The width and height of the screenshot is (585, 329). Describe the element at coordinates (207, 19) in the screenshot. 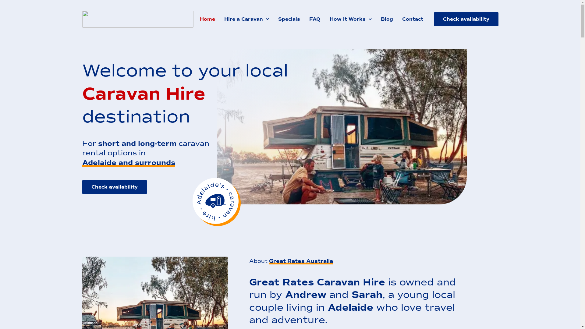

I see `'Home'` at that location.